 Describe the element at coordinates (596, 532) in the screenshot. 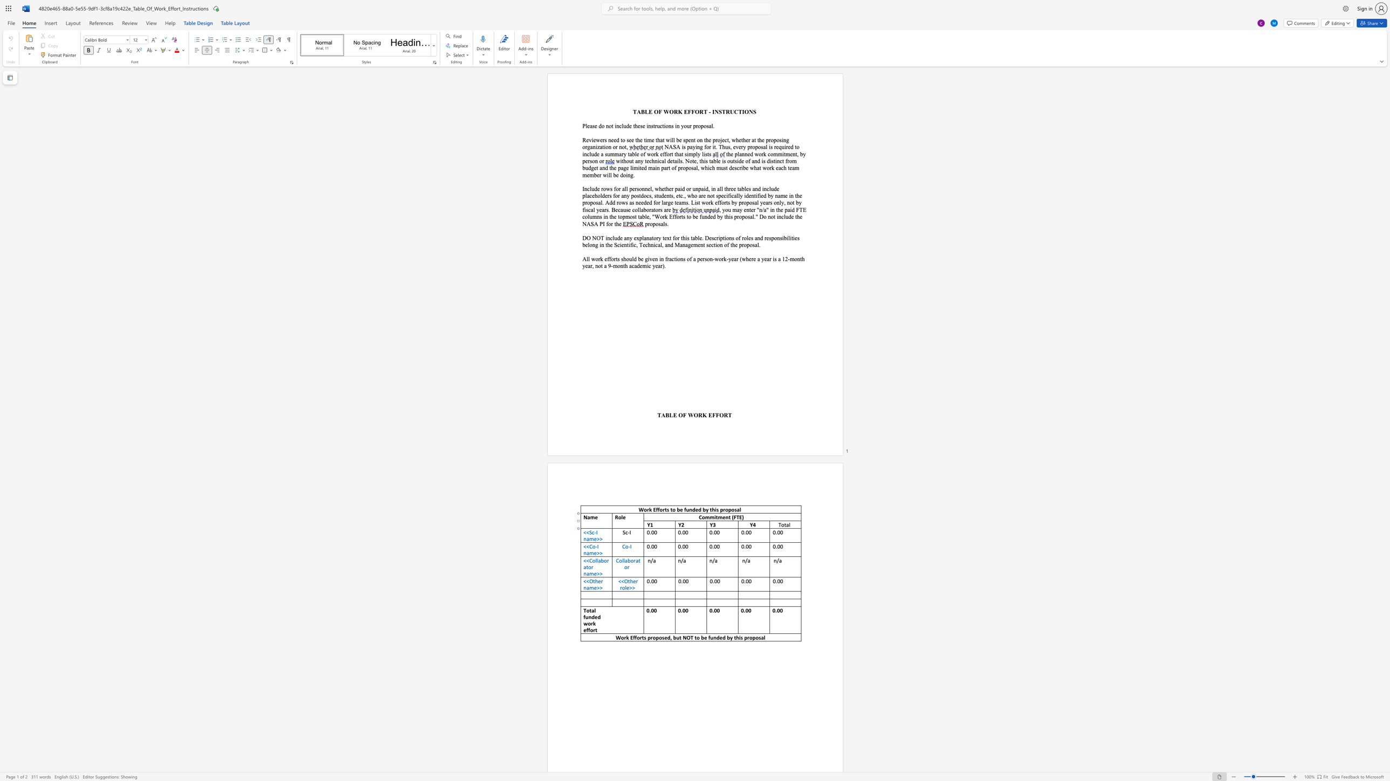

I see `the space between the continuous character "-" and "I" in the text` at that location.